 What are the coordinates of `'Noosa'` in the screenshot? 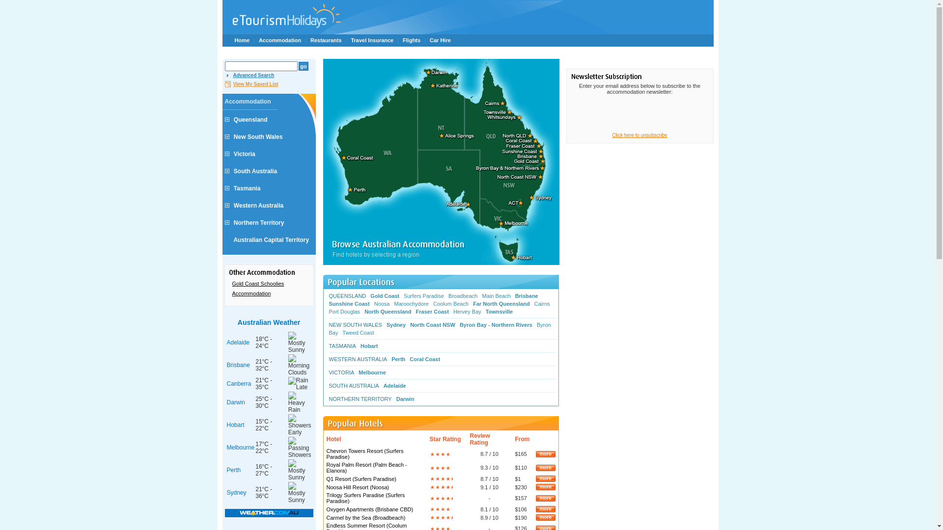 It's located at (383, 303).